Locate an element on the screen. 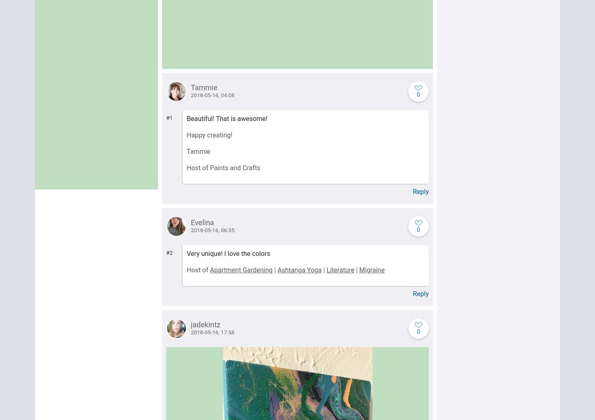  'Beautiful! That is awesome!' is located at coordinates (186, 118).